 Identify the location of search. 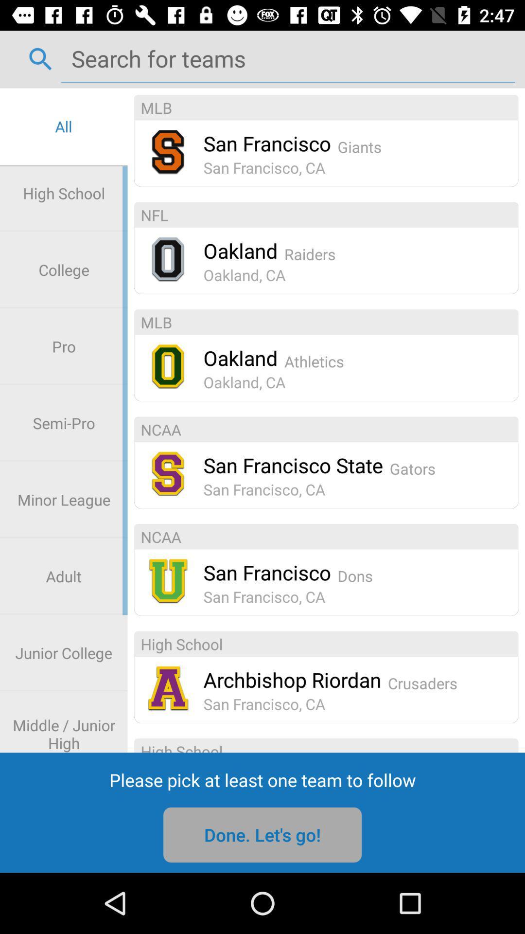
(287, 58).